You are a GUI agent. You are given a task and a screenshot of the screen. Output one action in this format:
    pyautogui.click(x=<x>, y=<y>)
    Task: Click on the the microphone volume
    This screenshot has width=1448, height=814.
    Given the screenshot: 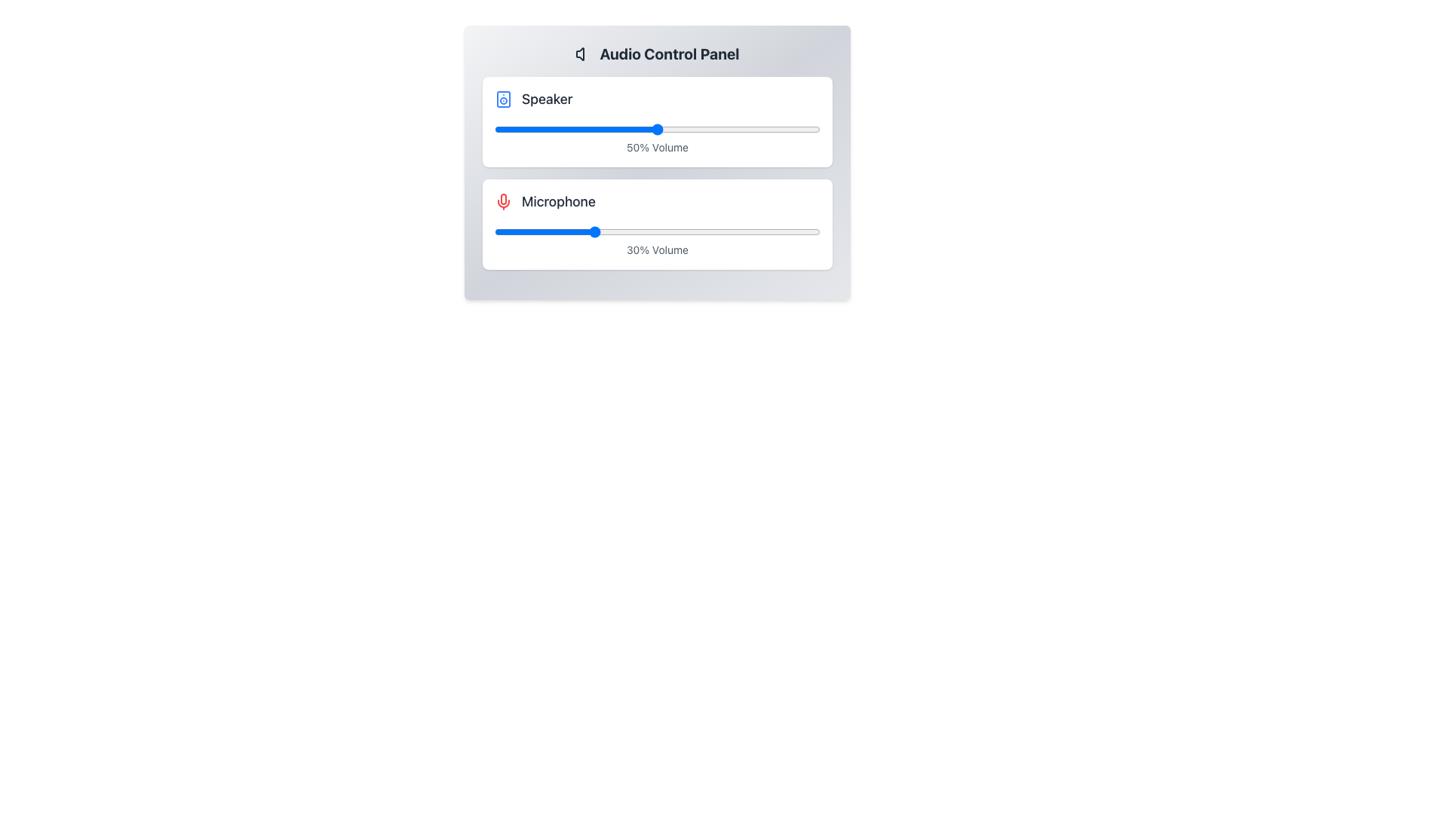 What is the action you would take?
    pyautogui.click(x=765, y=232)
    